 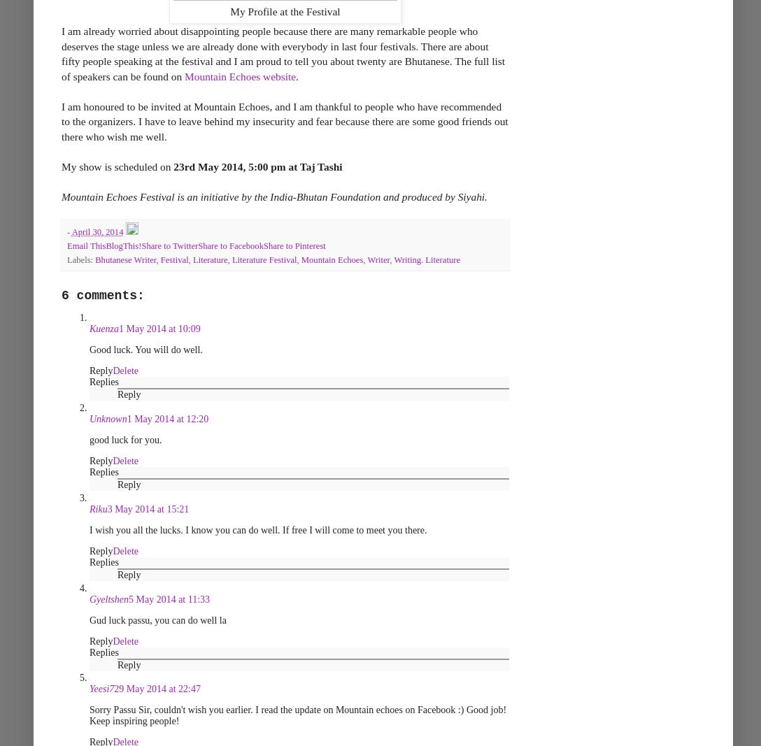 I want to click on '1 May 2014 at 10:09', so click(x=159, y=328).